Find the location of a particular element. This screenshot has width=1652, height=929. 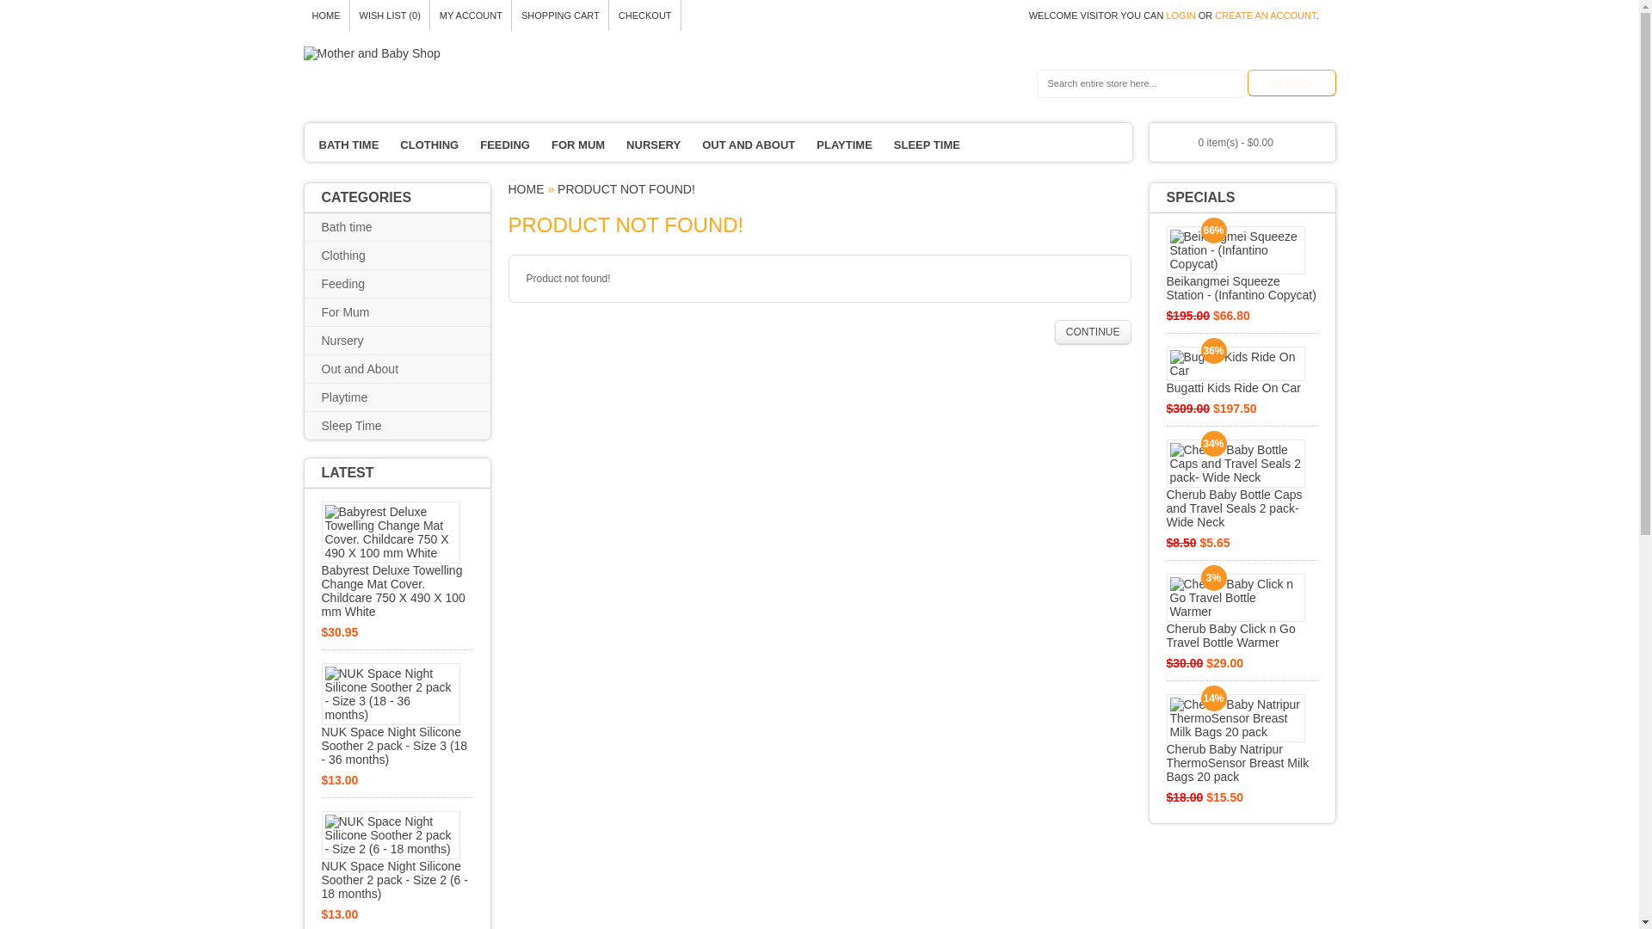

'Playtime' is located at coordinates (322, 397).